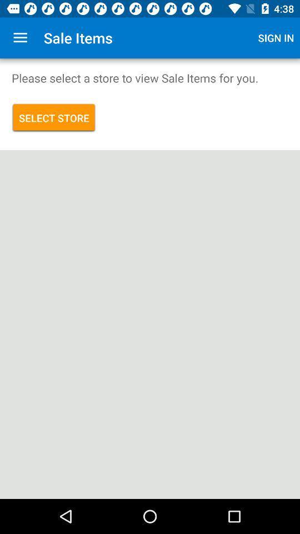 Image resolution: width=300 pixels, height=534 pixels. What do you see at coordinates (20, 38) in the screenshot?
I see `icon to the left of sale items item` at bounding box center [20, 38].